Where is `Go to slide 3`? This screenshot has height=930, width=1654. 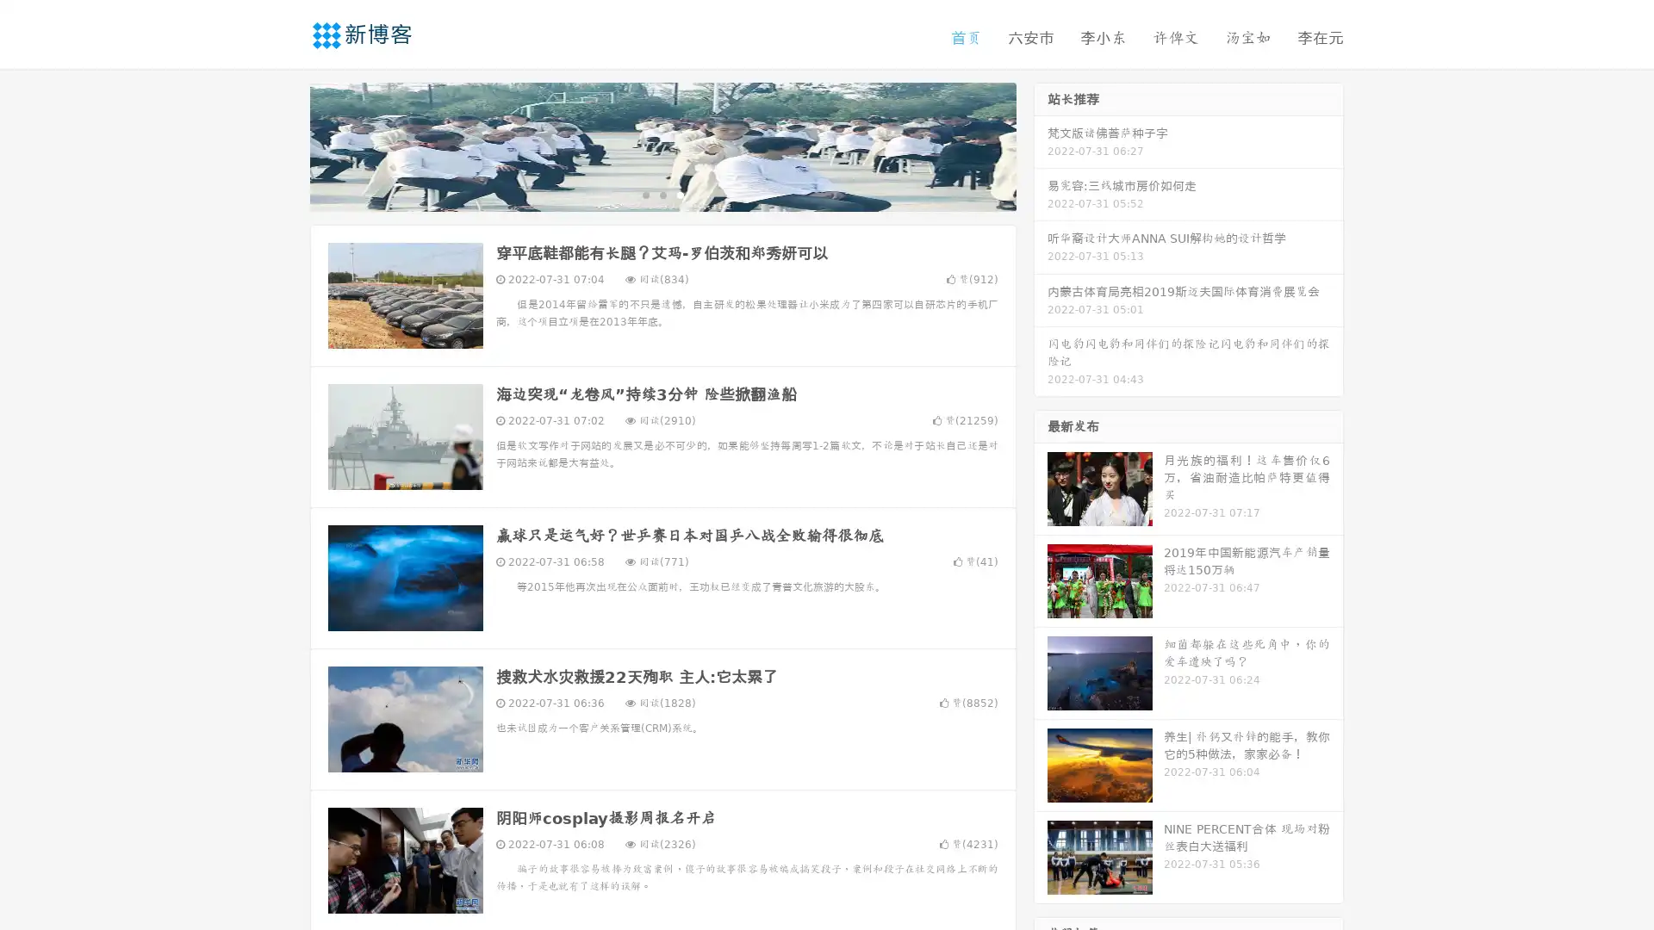 Go to slide 3 is located at coordinates (680, 194).